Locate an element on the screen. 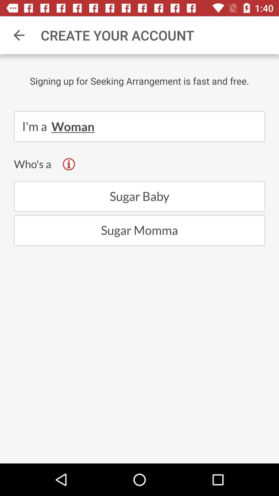 Image resolution: width=279 pixels, height=496 pixels. the item below sugar momma item is located at coordinates (139, 419).